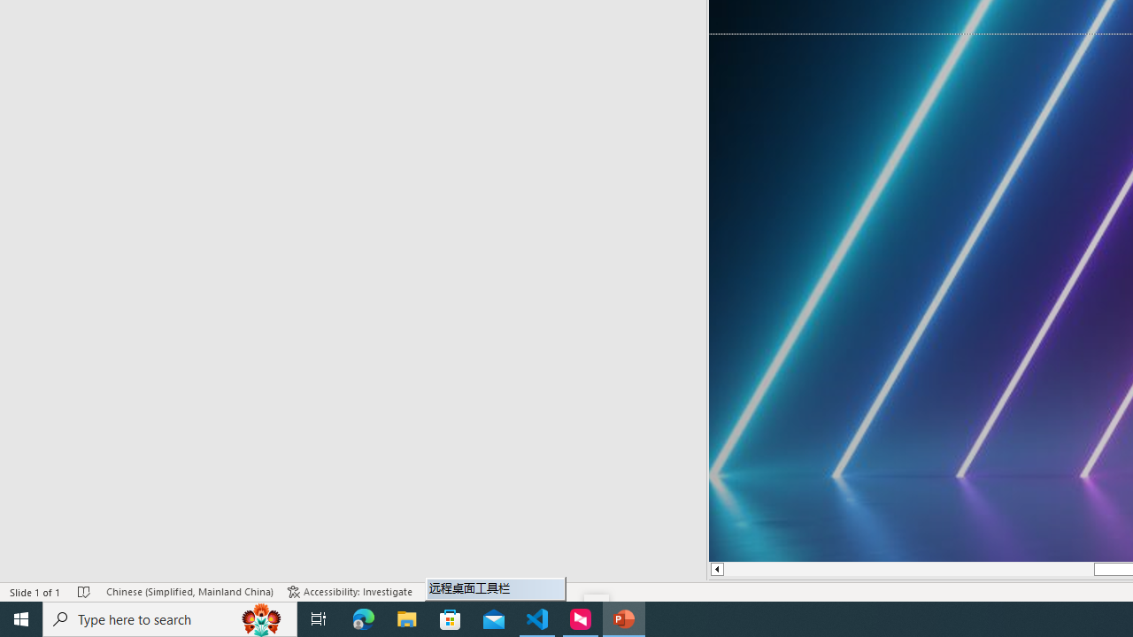 The image size is (1133, 637). Describe the element at coordinates (350, 592) in the screenshot. I see `'Accessibility Checker Accessibility: Investigate'` at that location.